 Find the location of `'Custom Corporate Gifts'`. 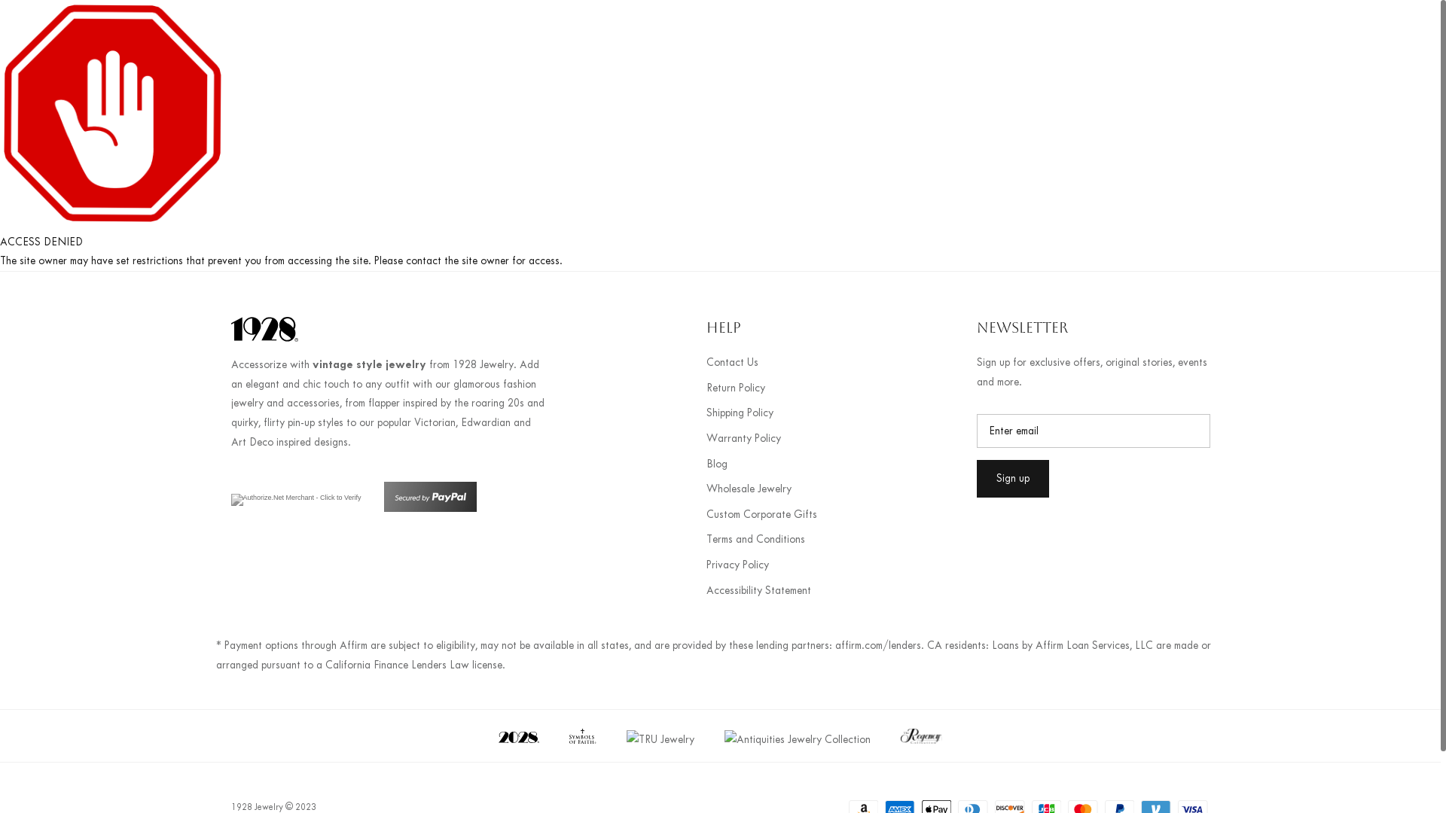

'Custom Corporate Gifts' is located at coordinates (761, 513).